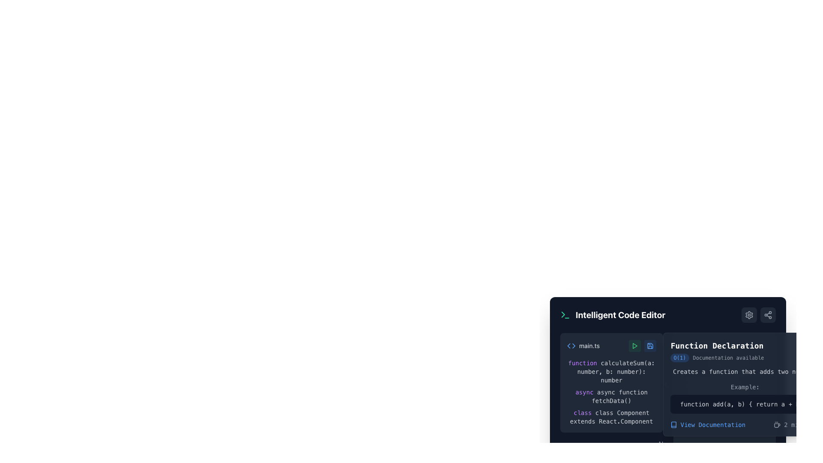  Describe the element at coordinates (563, 314) in the screenshot. I see `the green triangular icon component located at the top of the terminal-like SVG icon` at that location.